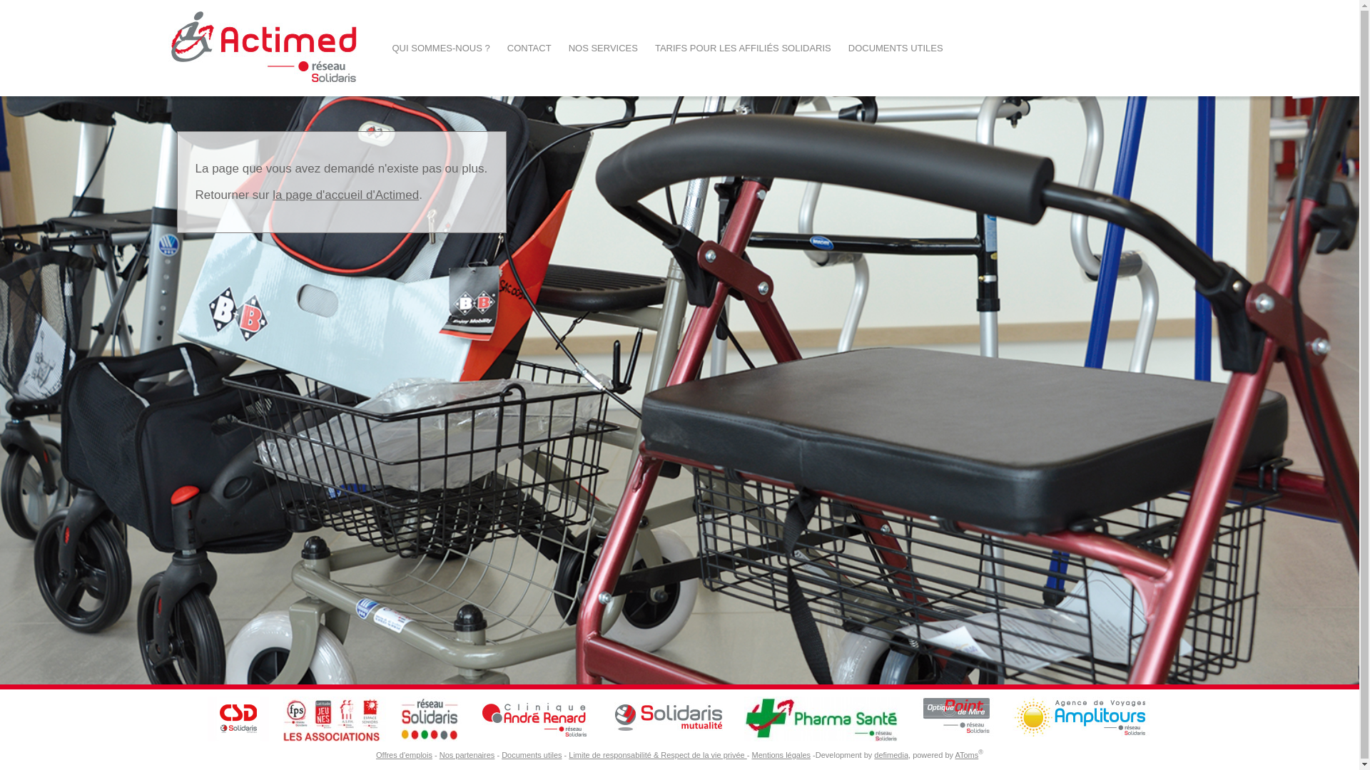  What do you see at coordinates (559, 47) in the screenshot?
I see `'NOS SERVICES'` at bounding box center [559, 47].